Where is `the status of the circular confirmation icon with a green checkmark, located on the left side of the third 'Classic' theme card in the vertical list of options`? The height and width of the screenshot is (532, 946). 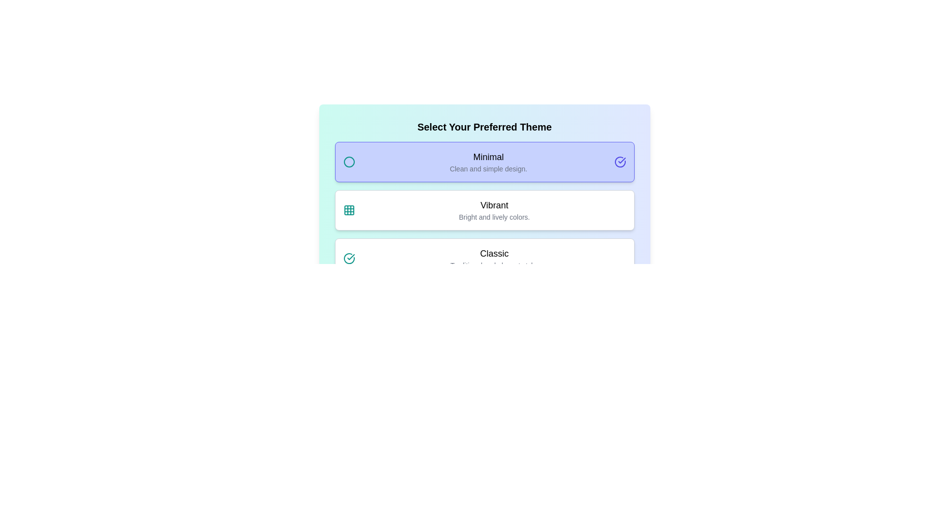
the status of the circular confirmation icon with a green checkmark, located on the left side of the third 'Classic' theme card in the vertical list of options is located at coordinates (349, 258).